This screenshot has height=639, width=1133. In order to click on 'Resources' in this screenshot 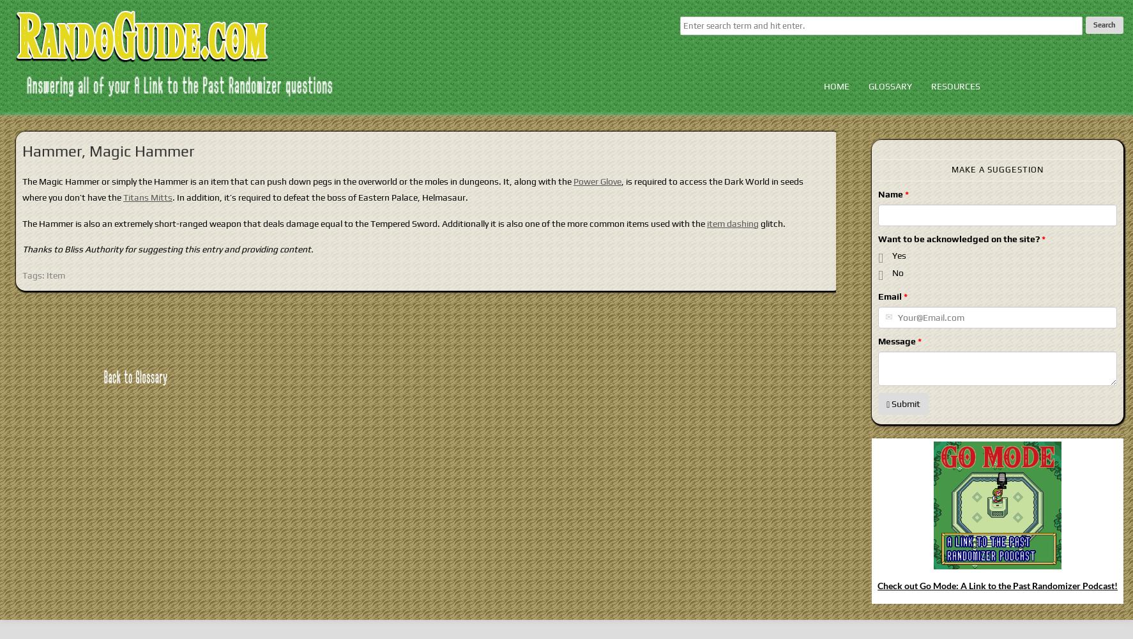, I will do `click(954, 86)`.